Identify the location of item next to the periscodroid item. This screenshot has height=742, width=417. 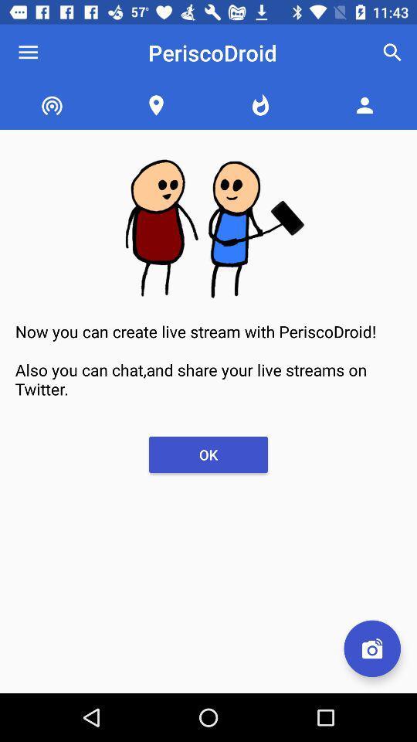
(392, 53).